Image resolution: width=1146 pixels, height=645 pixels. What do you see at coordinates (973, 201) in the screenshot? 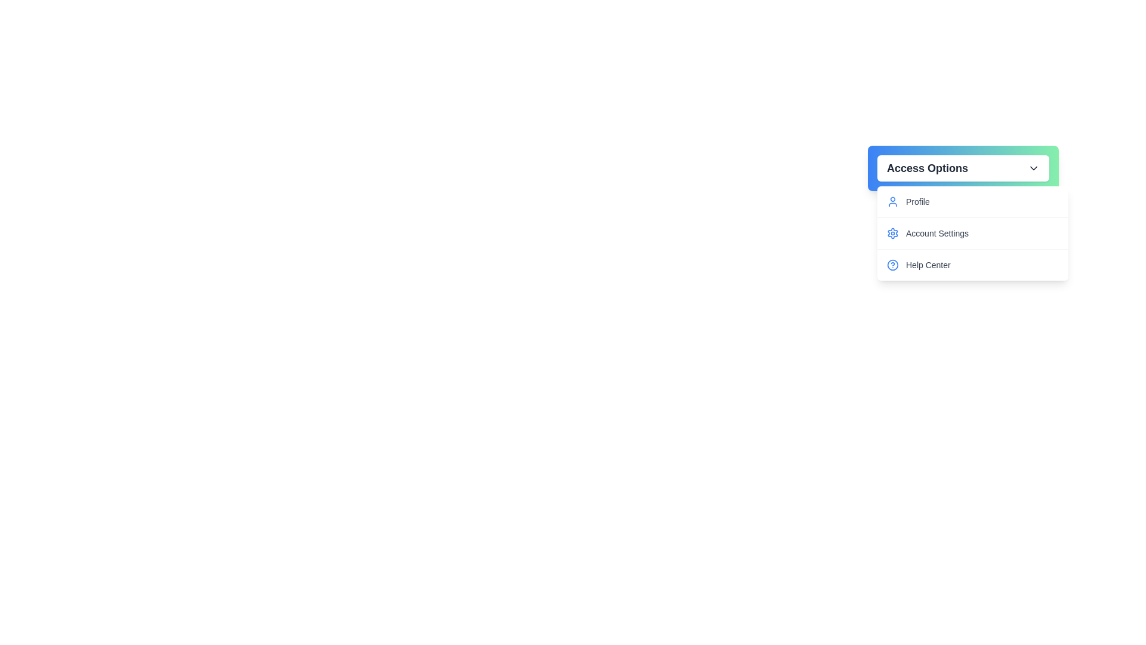
I see `the first menu item labeled 'Profile' in the dropdown menu` at bounding box center [973, 201].